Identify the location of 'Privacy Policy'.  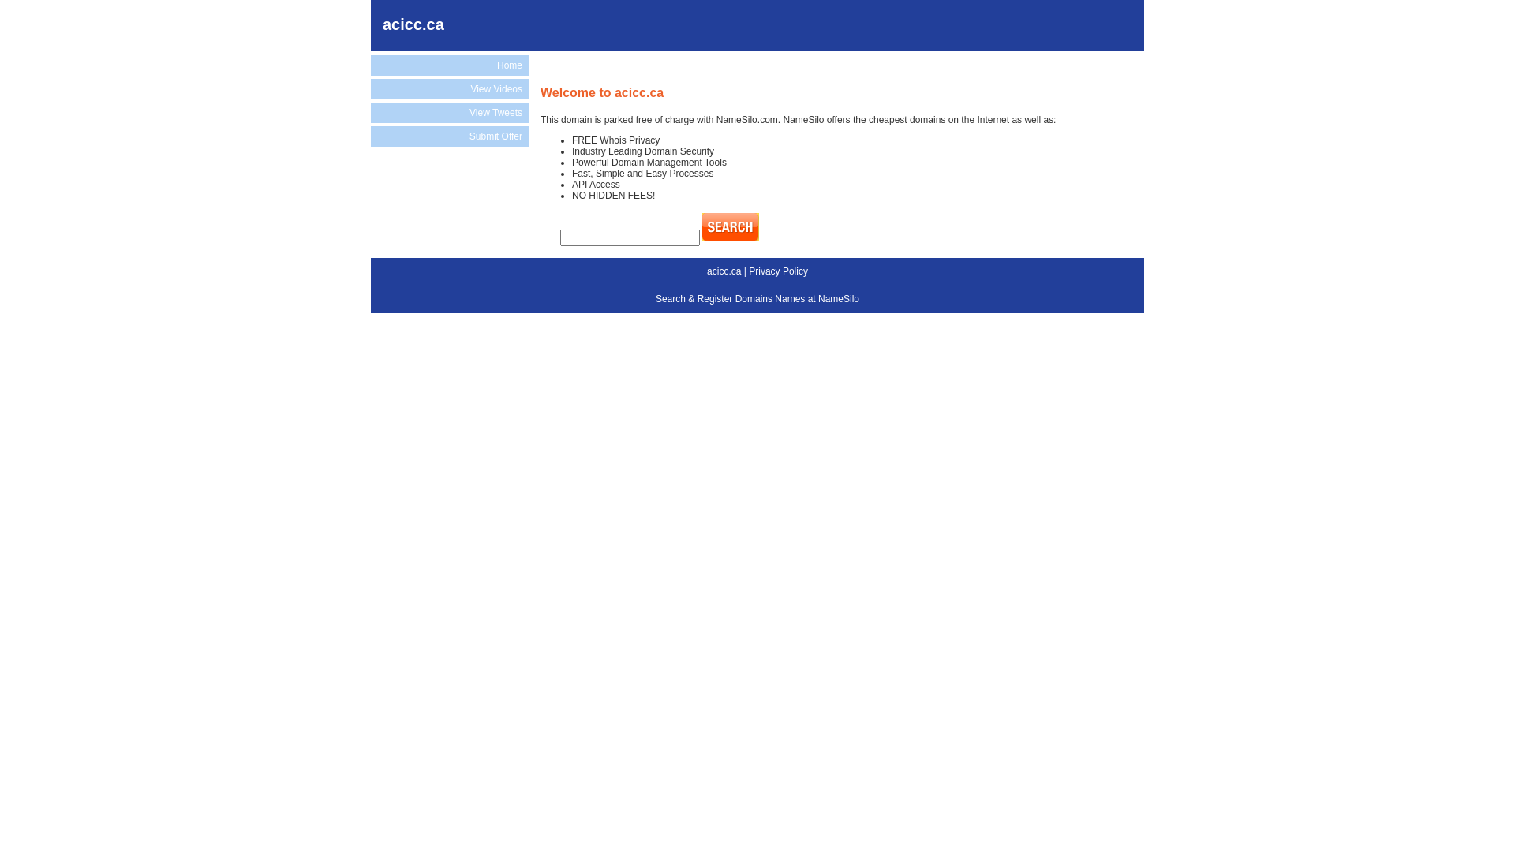
(778, 270).